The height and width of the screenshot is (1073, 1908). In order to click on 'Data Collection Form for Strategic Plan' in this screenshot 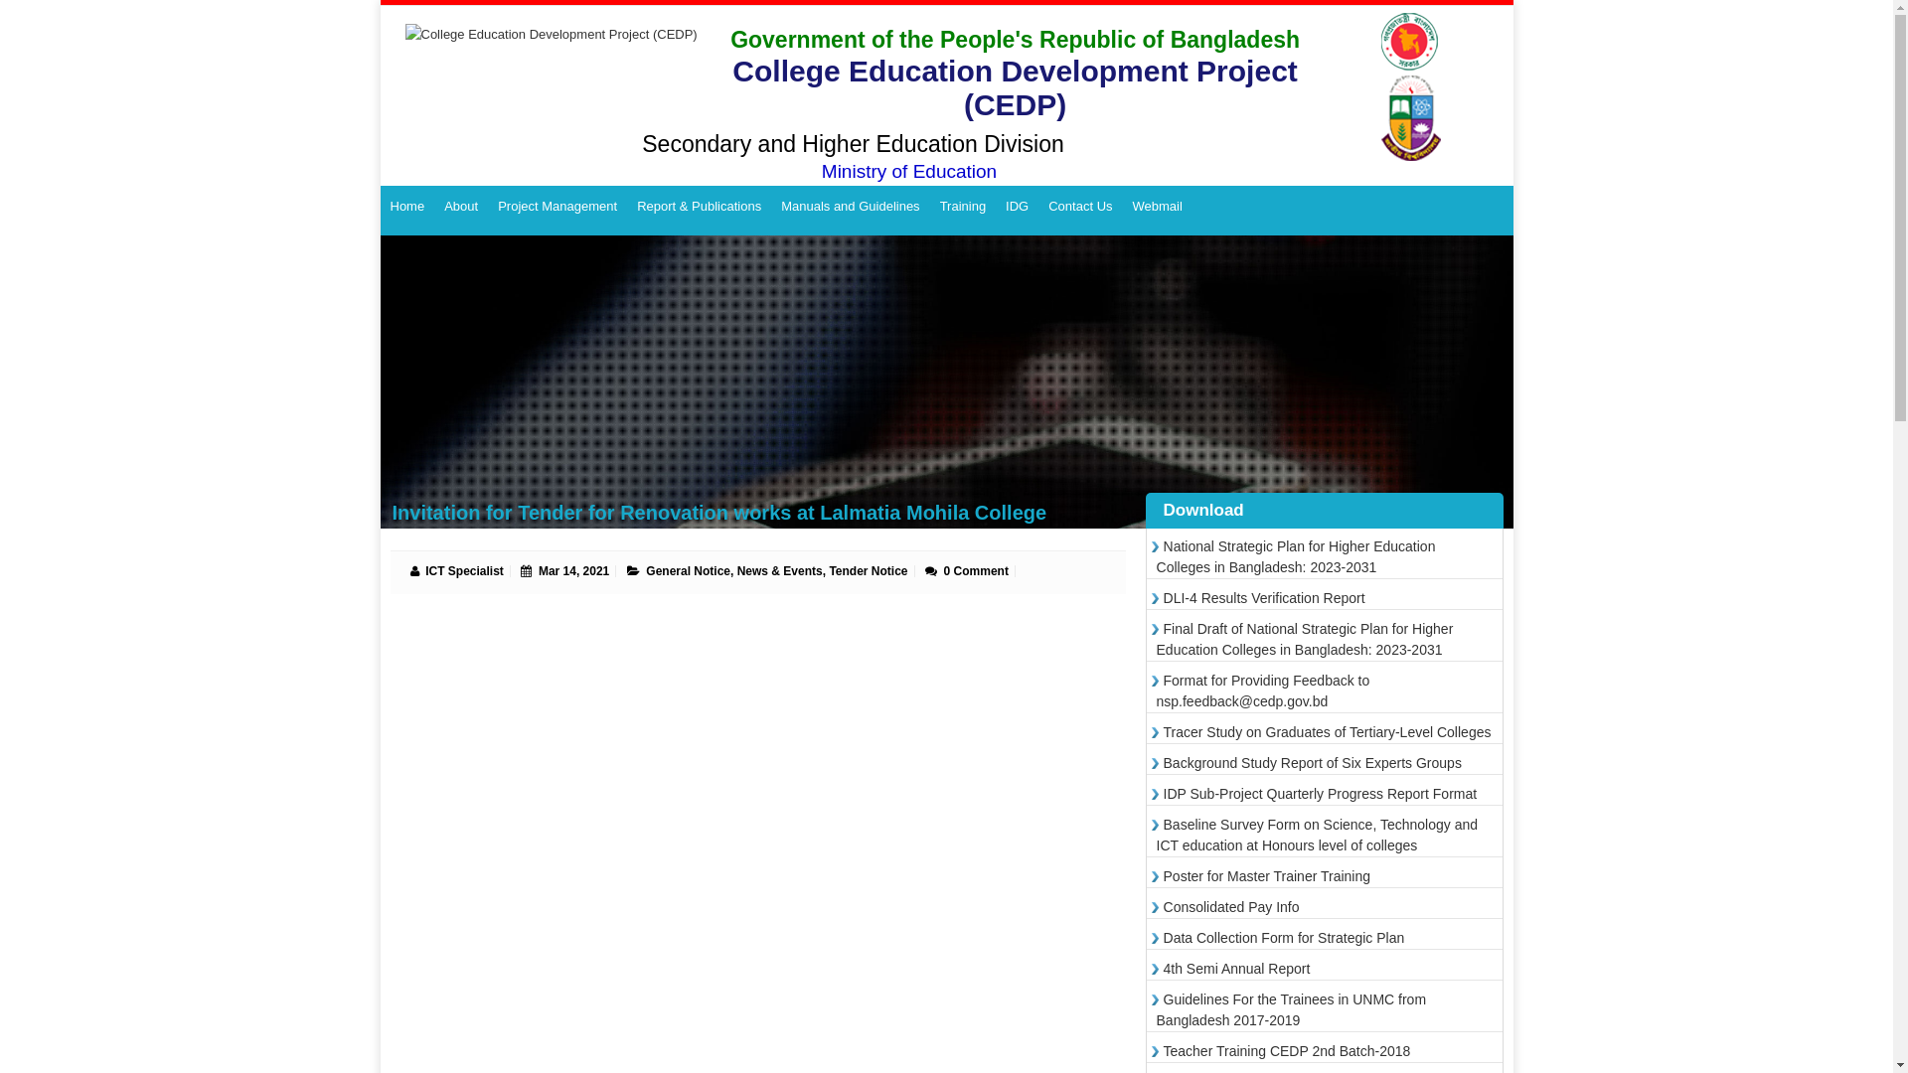, I will do `click(1281, 938)`.